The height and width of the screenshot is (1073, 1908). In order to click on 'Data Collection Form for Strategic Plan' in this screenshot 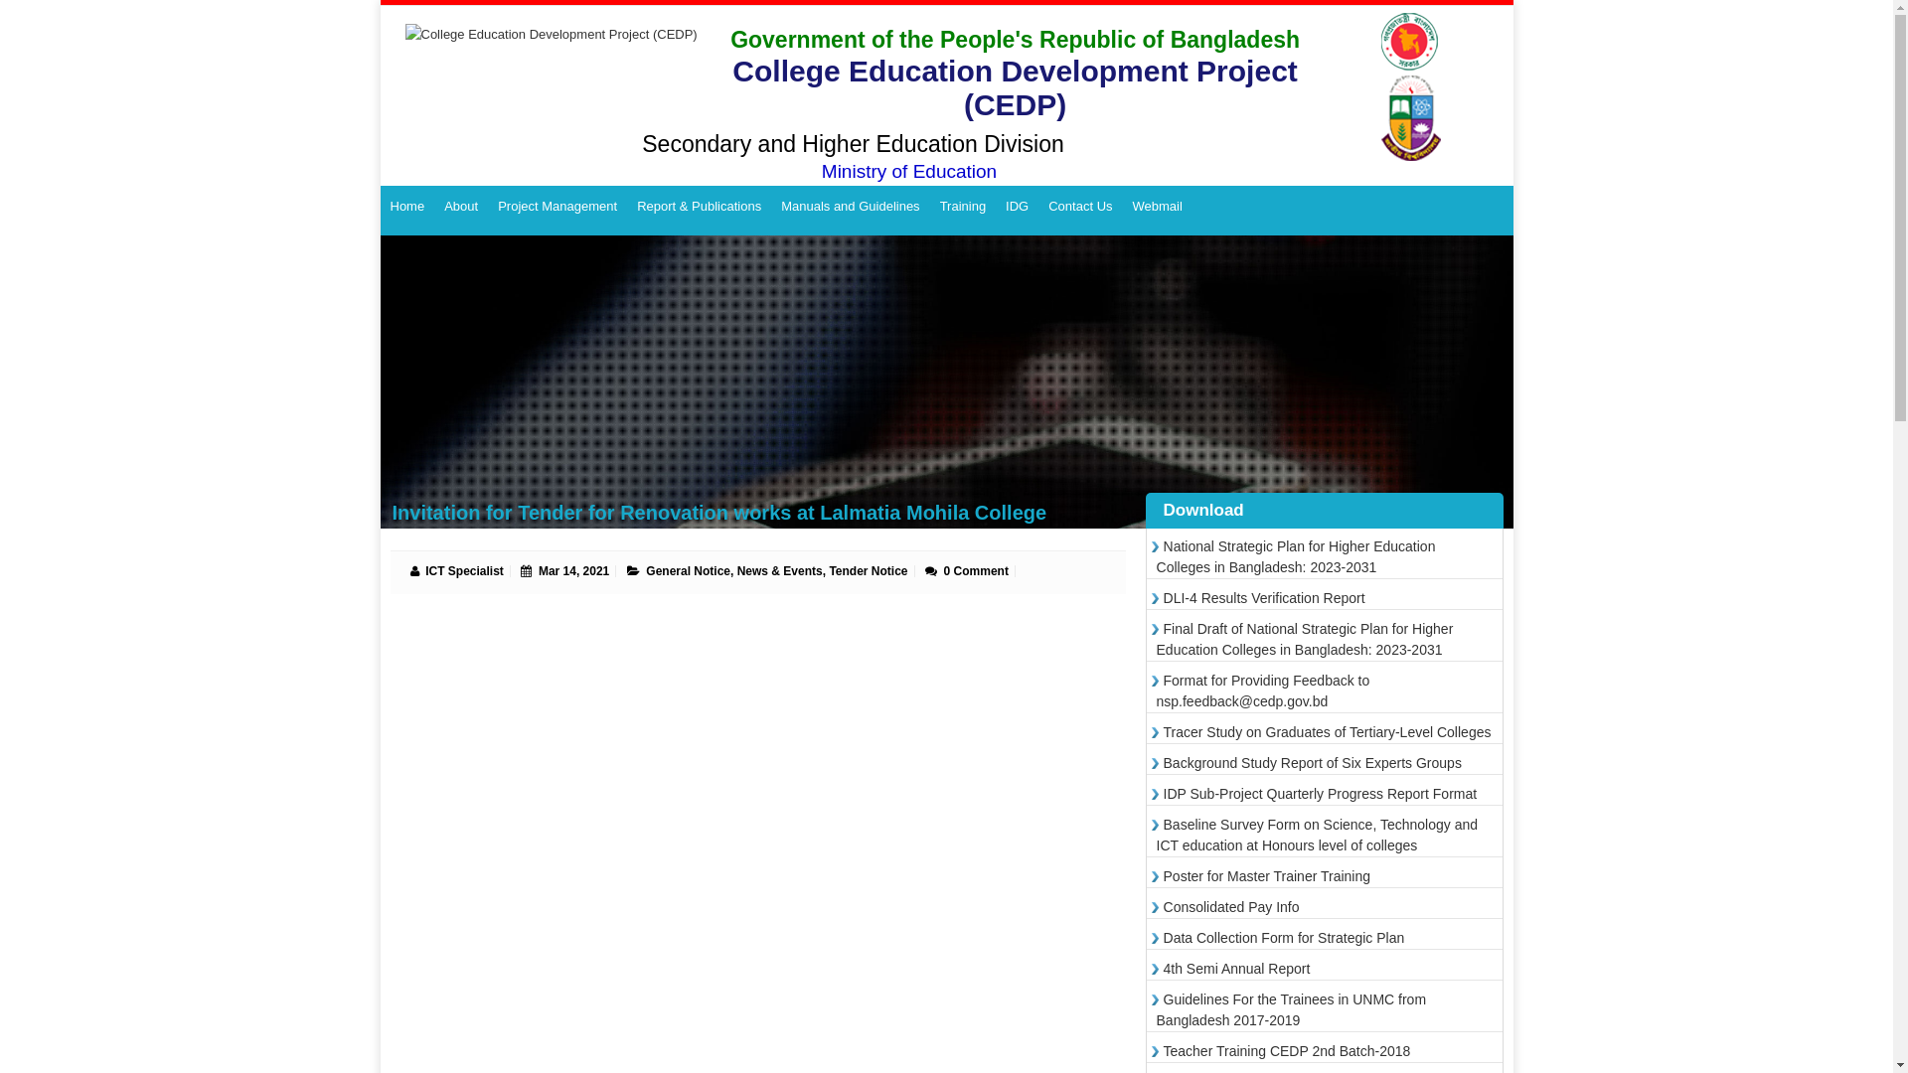, I will do `click(1281, 938)`.